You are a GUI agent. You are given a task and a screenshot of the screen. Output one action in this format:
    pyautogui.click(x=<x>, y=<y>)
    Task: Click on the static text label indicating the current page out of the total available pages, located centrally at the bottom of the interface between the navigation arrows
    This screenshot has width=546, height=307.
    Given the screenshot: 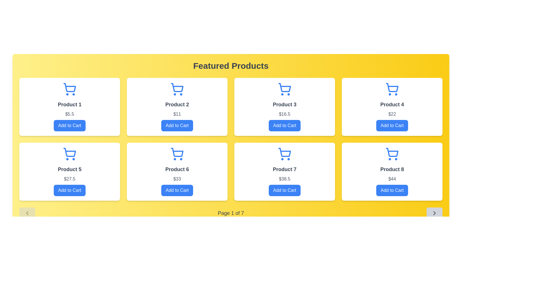 What is the action you would take?
    pyautogui.click(x=231, y=213)
    